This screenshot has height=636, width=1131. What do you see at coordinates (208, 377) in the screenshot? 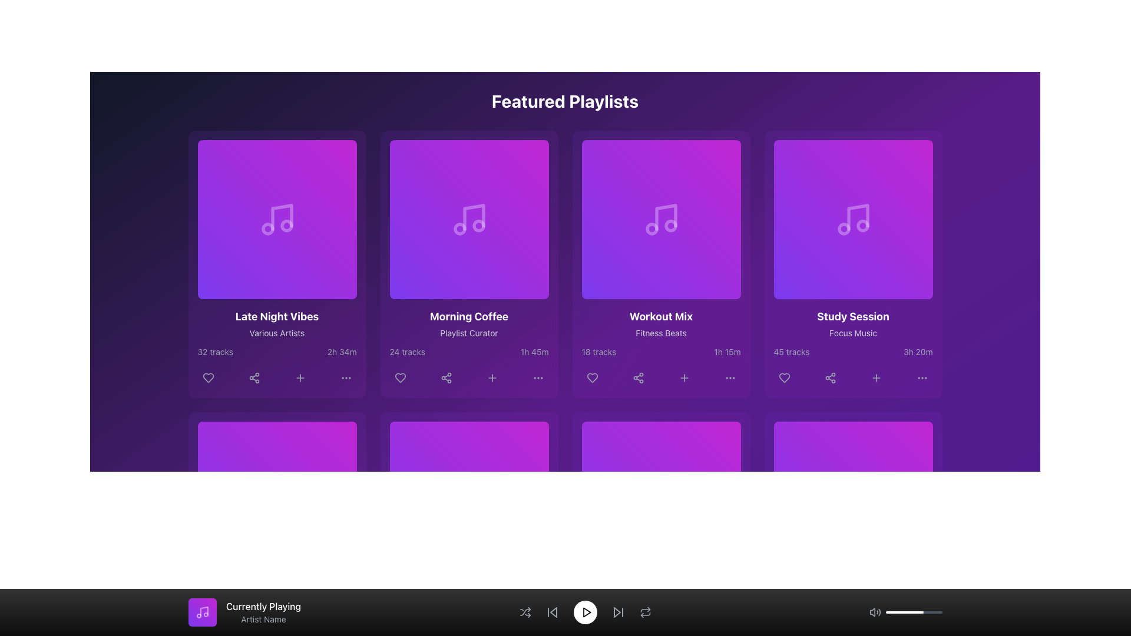
I see `the heart-shaped icon button located at the bottom left corner of the first card in the featured playlists section` at bounding box center [208, 377].